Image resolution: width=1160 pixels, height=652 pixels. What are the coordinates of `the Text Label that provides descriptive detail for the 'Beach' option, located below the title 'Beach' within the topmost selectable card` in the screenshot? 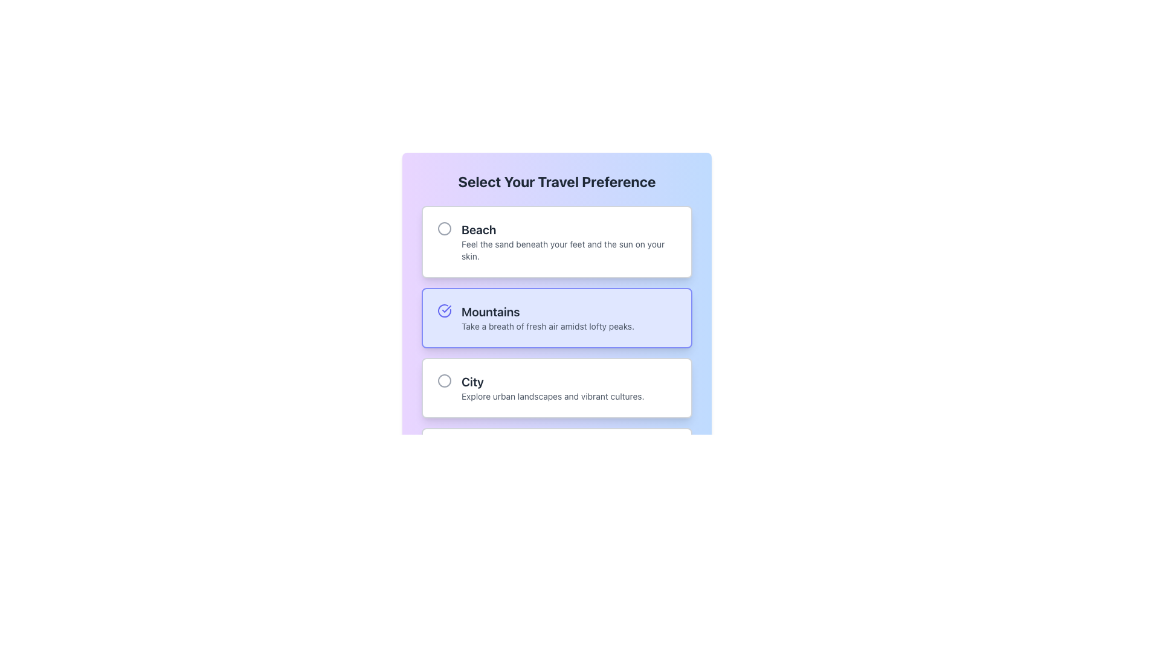 It's located at (568, 250).